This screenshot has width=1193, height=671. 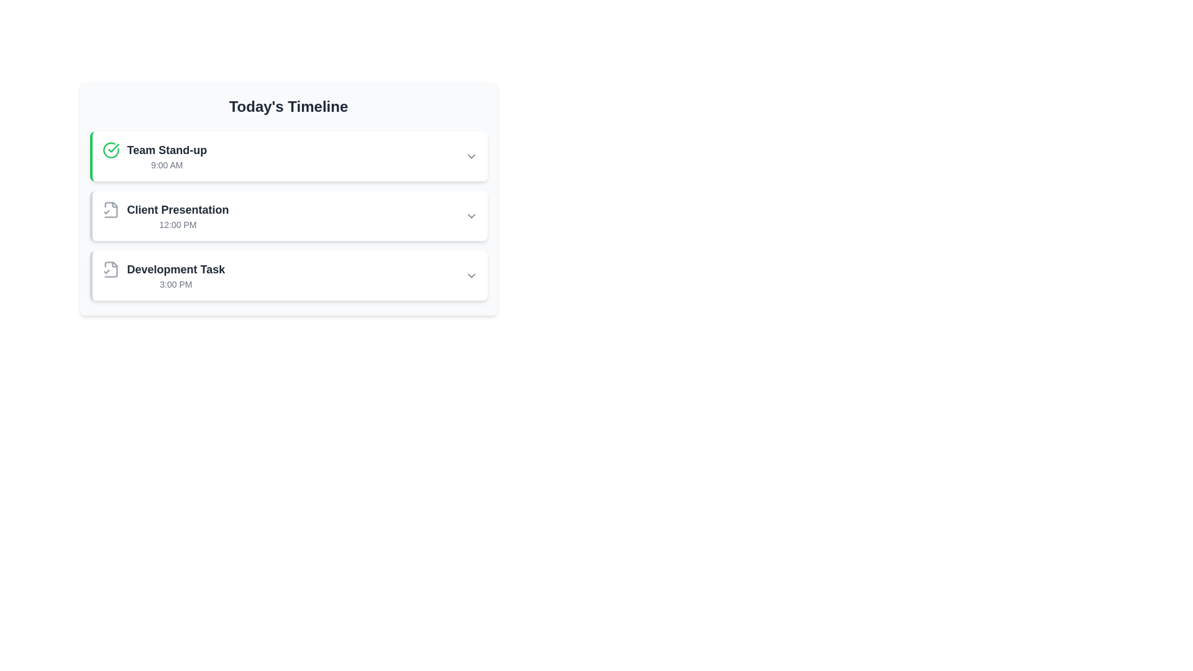 I want to click on the static text label displaying '12:00 PM' located below the 'Client Presentation' header in the timeline card, so click(x=177, y=225).